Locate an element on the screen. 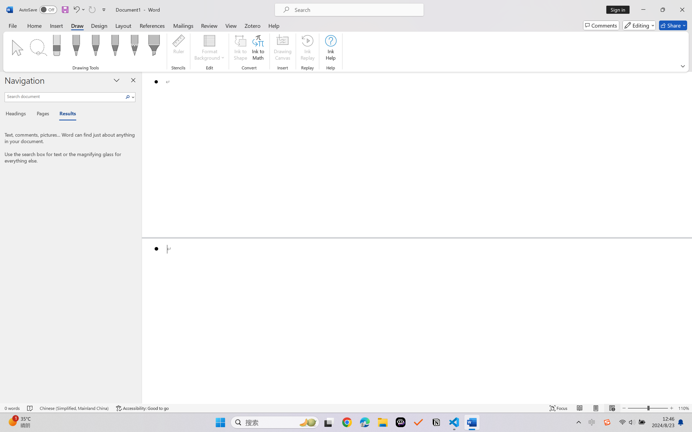 The height and width of the screenshot is (432, 692). 'Undo Bullet Default' is located at coordinates (76, 9).